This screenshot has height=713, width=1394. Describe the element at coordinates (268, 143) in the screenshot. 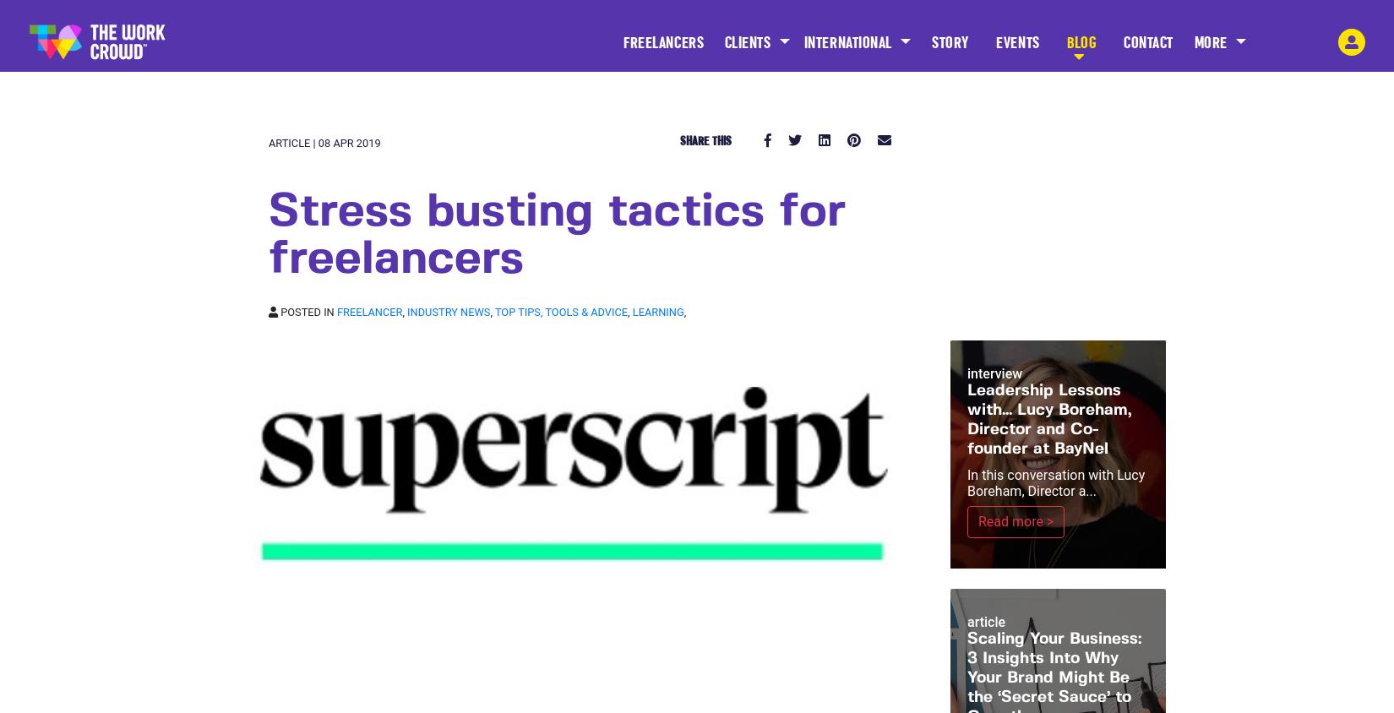

I see `'Article | 08 Apr 2019'` at that location.